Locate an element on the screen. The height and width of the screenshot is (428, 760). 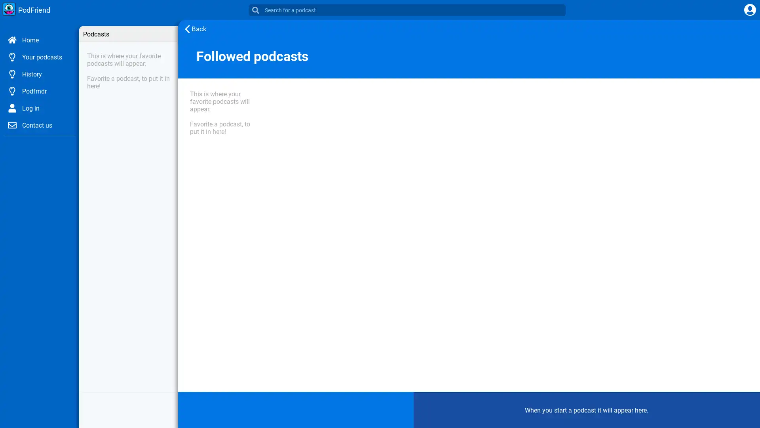
Back is located at coordinates (193, 29).